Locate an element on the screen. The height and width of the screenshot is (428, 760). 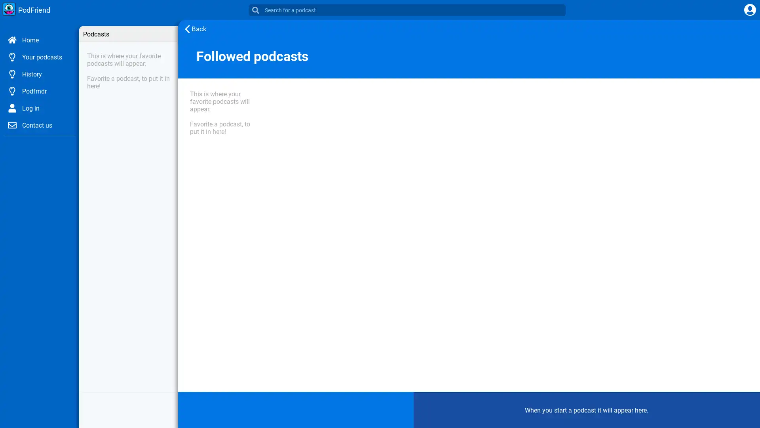
Back is located at coordinates (193, 29).